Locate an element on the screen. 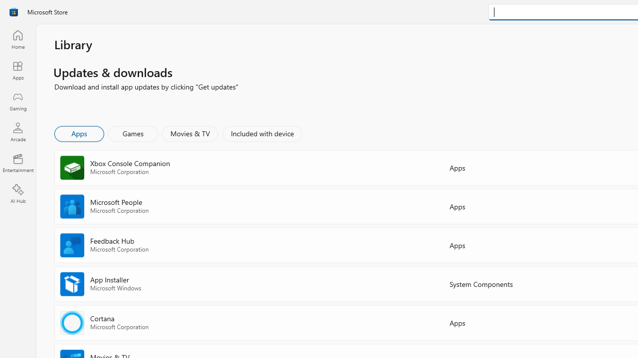 The height and width of the screenshot is (358, 638). 'AI Hub' is located at coordinates (17, 194).